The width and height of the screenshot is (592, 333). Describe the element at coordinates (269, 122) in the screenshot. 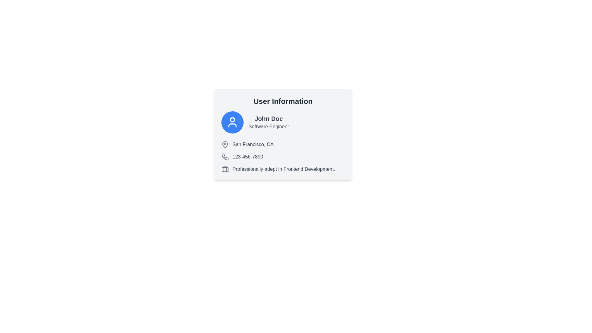

I see `the text block displaying the user's name and role, which is located to the right of a blue circular icon with a user symbol` at that location.